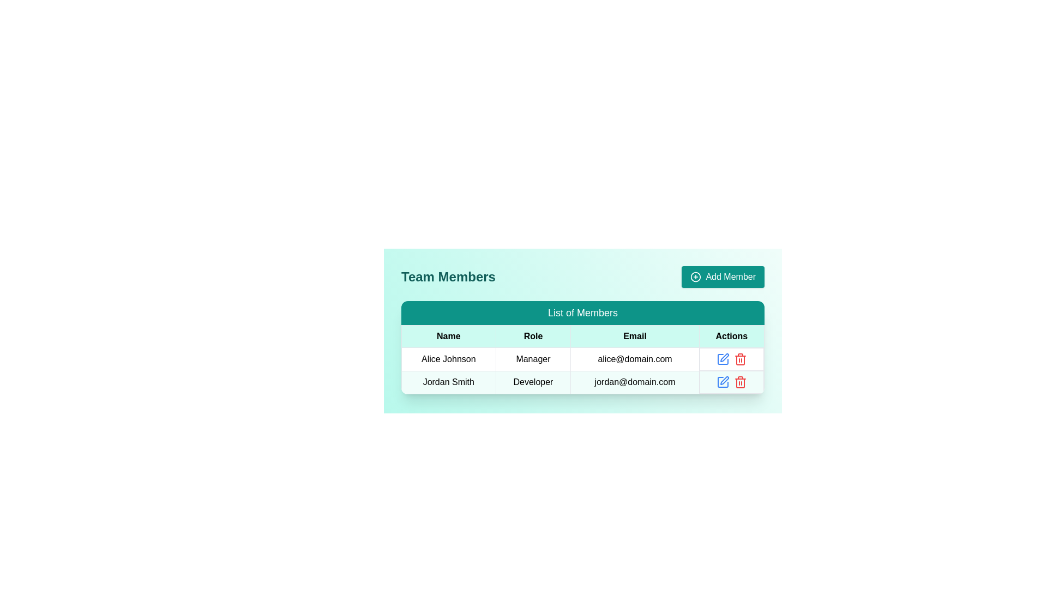 Image resolution: width=1047 pixels, height=589 pixels. I want to click on the editing icon represented by a pencil in the 'Actions' column of the table, specifically associated with the second row for 'Jordan Smith', so click(723, 382).